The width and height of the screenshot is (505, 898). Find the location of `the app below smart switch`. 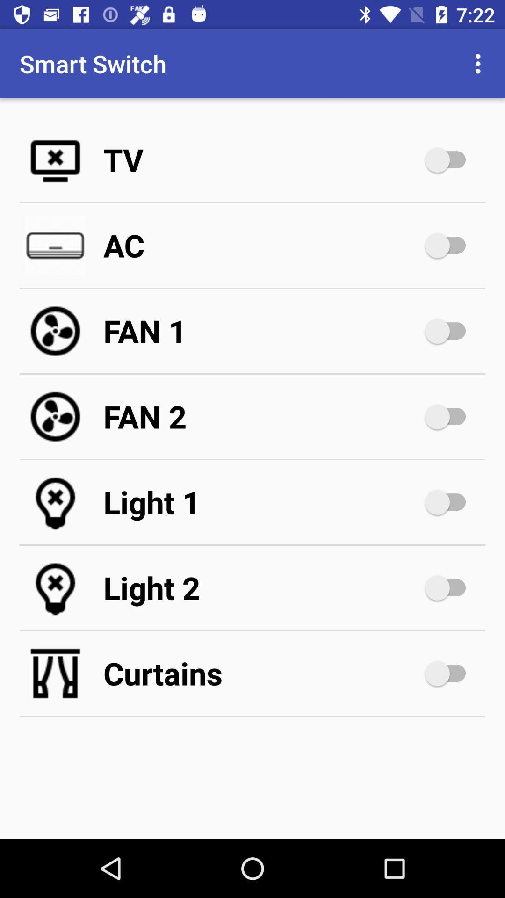

the app below smart switch is located at coordinates (262, 159).